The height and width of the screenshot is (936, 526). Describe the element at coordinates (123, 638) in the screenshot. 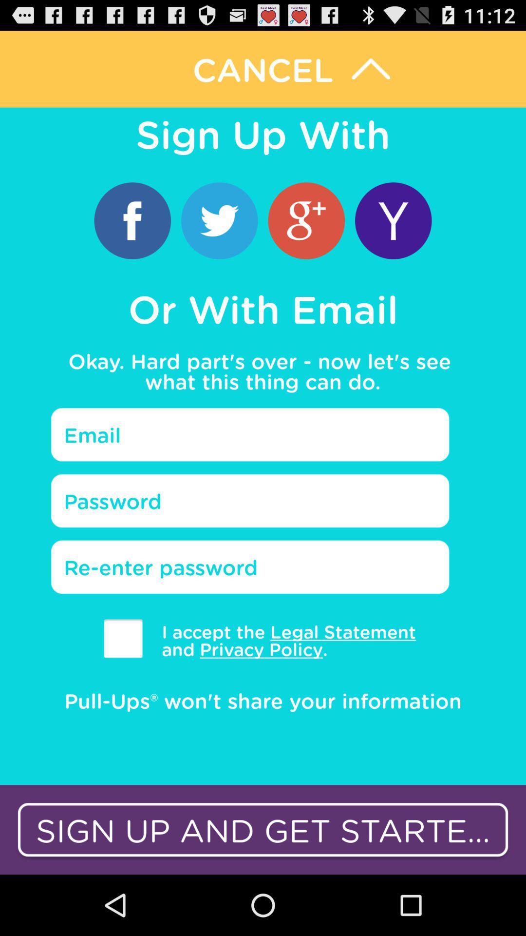

I see `the app above the pull ups won item` at that location.